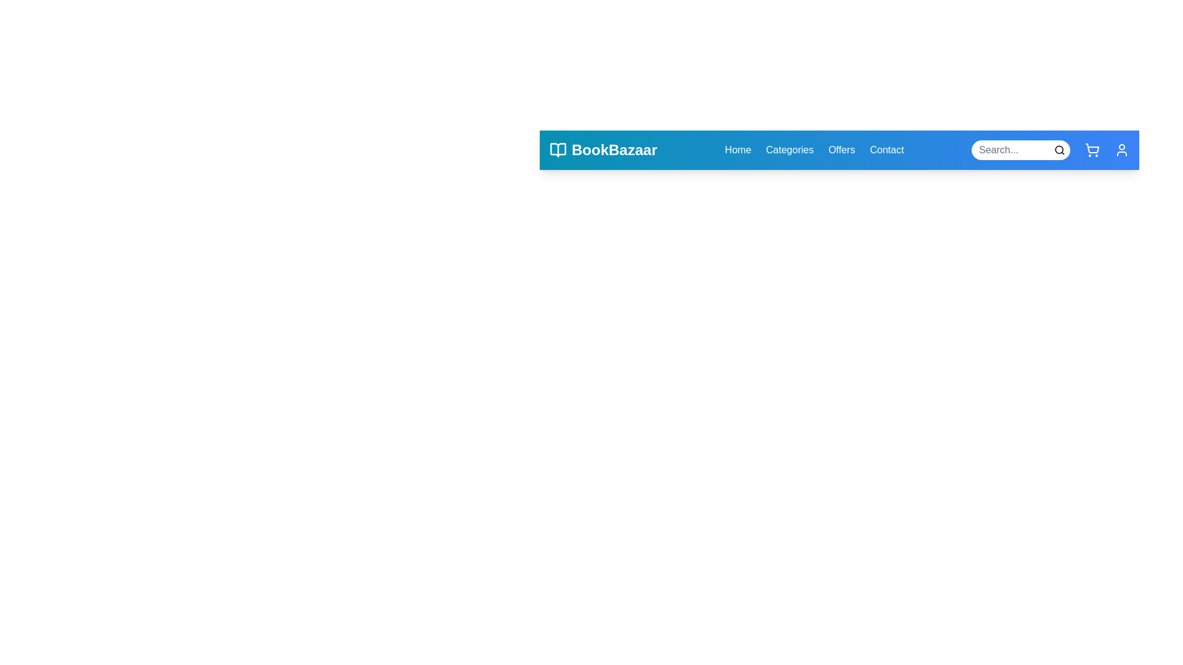 This screenshot has height=665, width=1183. Describe the element at coordinates (1121, 149) in the screenshot. I see `the user profile icon` at that location.